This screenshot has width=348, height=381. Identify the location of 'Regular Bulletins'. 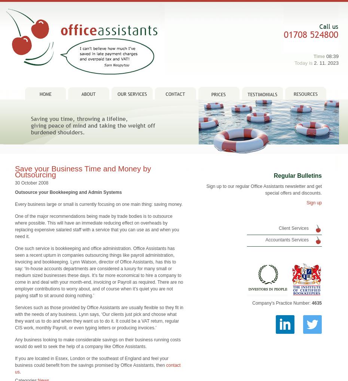
(297, 164).